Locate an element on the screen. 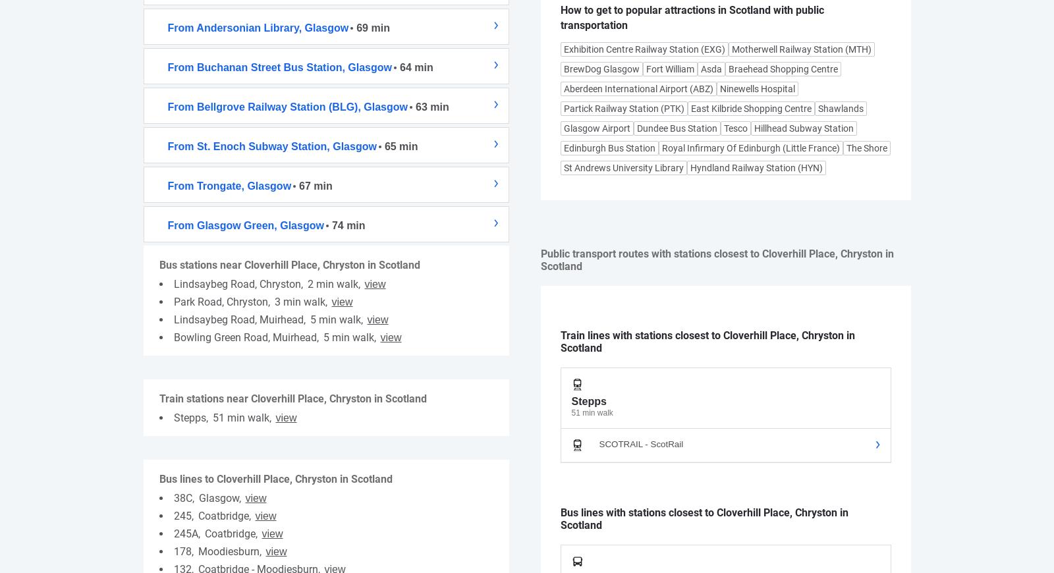  'Park Road, Chryston' is located at coordinates (220, 300).